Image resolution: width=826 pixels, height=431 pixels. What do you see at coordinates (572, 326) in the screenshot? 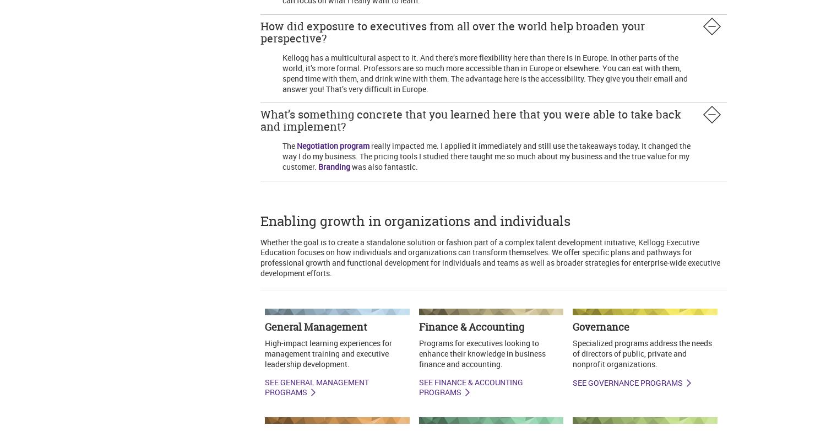
I see `'Governance'` at bounding box center [572, 326].